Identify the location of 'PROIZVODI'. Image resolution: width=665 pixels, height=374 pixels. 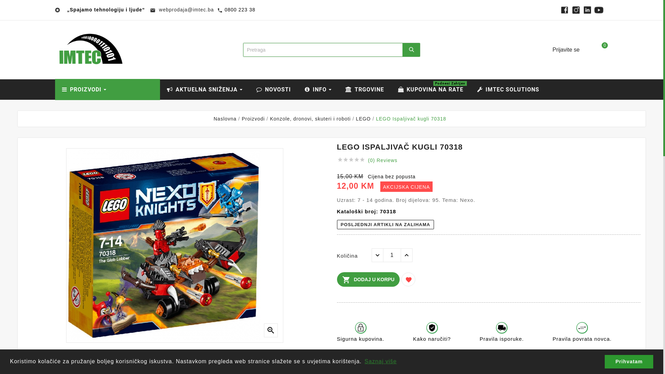
(107, 89).